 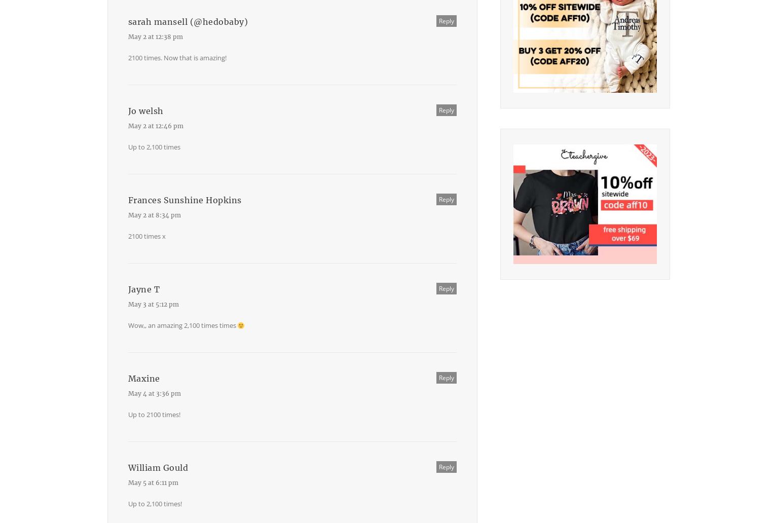 What do you see at coordinates (183, 200) in the screenshot?
I see `'Frances Sunshine Hopkins'` at bounding box center [183, 200].